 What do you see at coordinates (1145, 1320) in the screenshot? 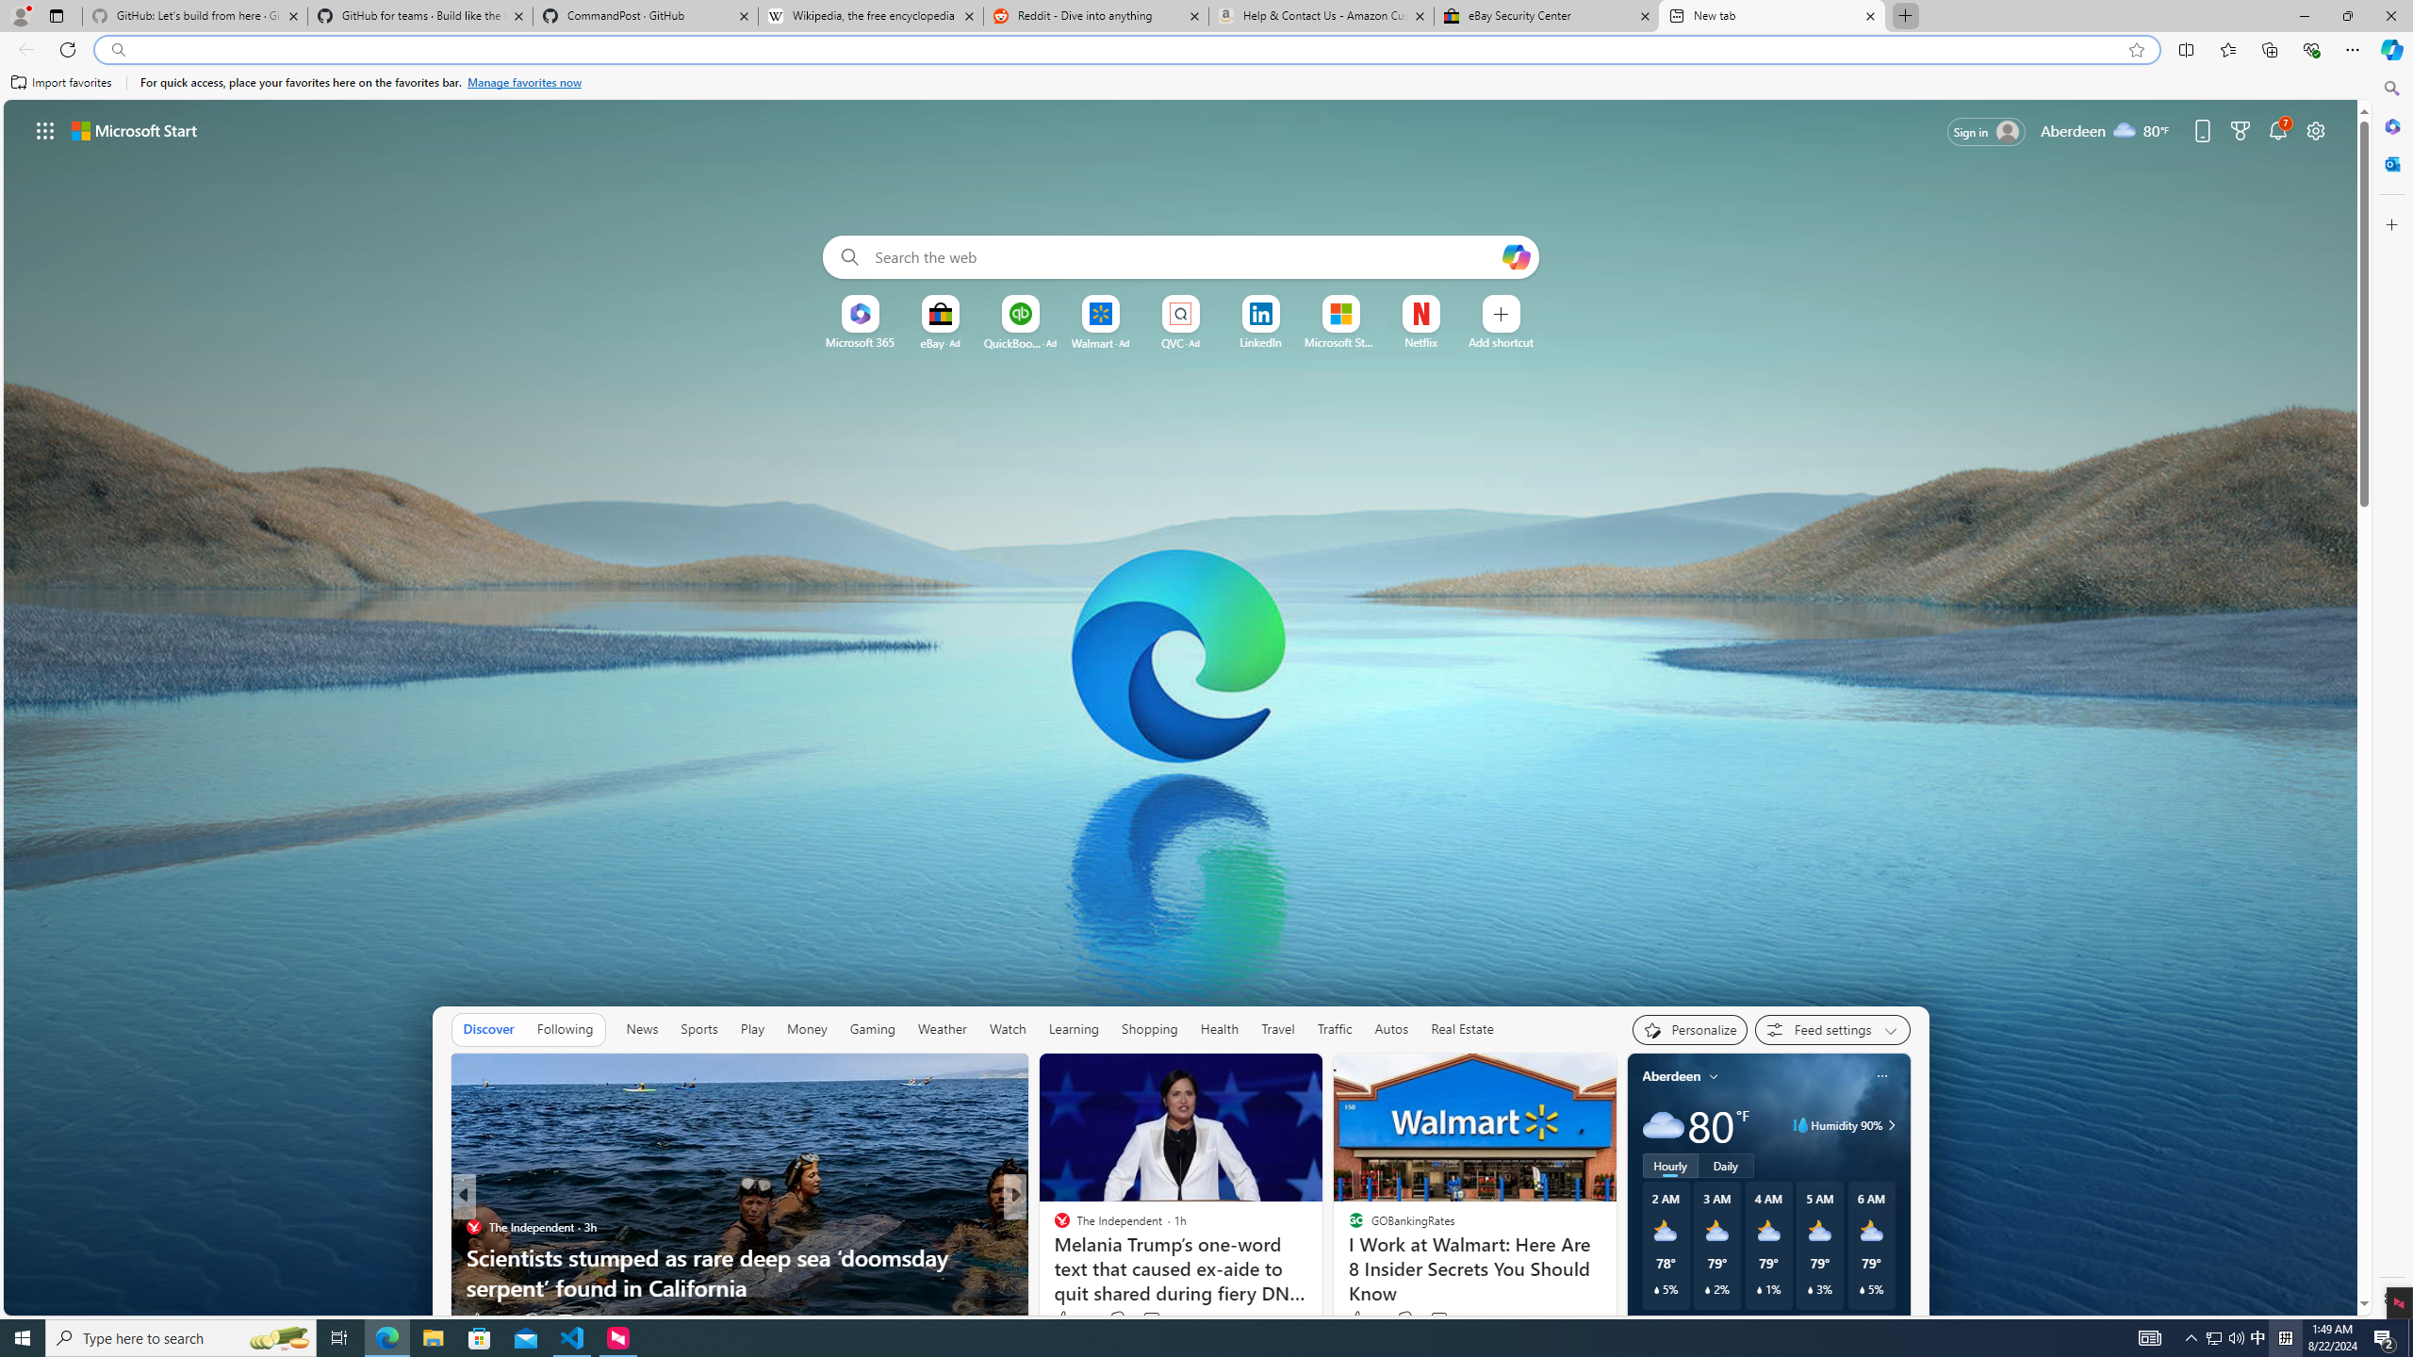
I see `'View comments 31 Comment'` at bounding box center [1145, 1320].